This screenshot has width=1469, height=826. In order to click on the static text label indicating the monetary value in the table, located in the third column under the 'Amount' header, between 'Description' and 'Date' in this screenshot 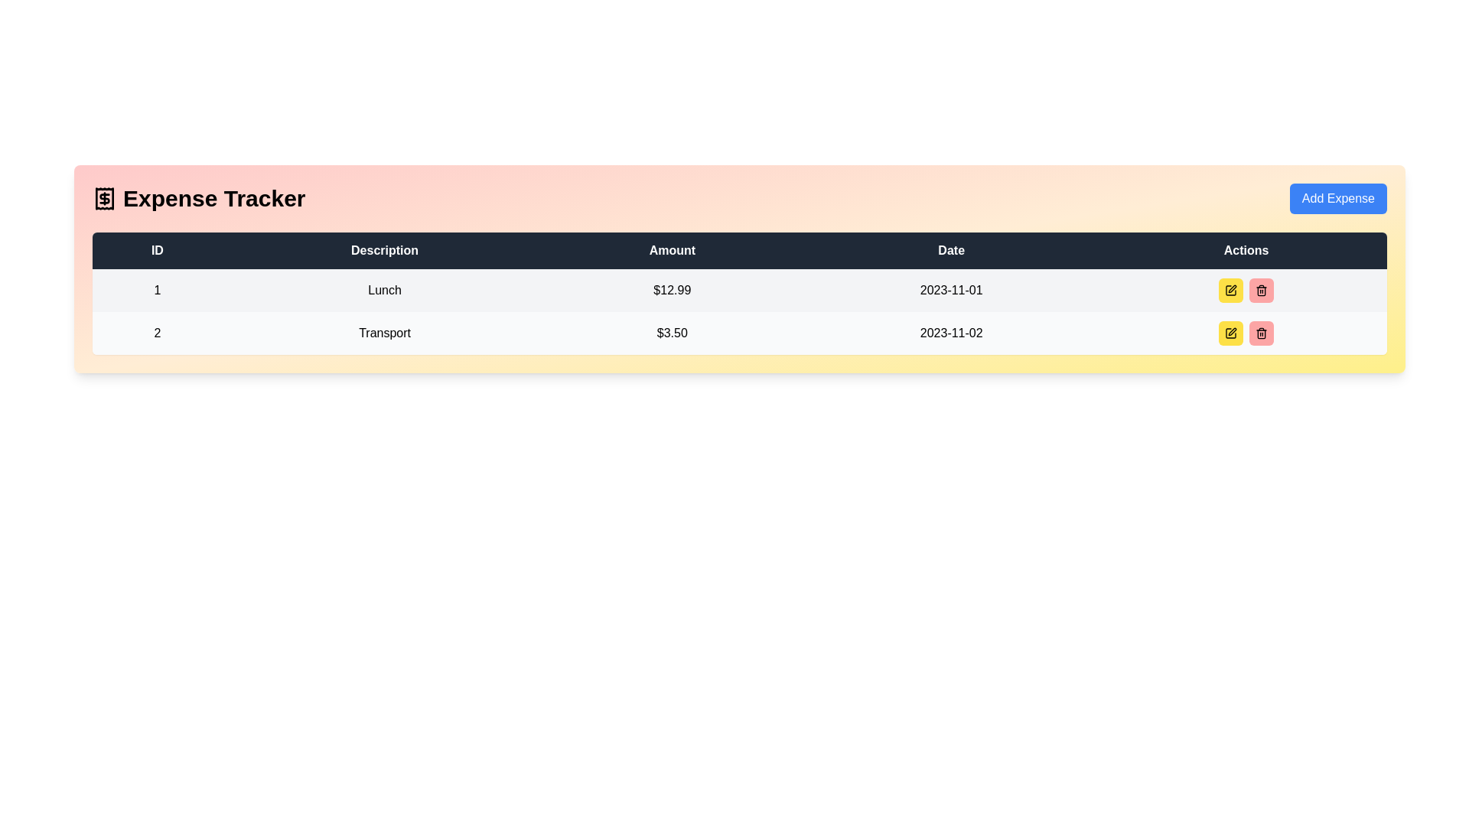, I will do `click(672, 291)`.